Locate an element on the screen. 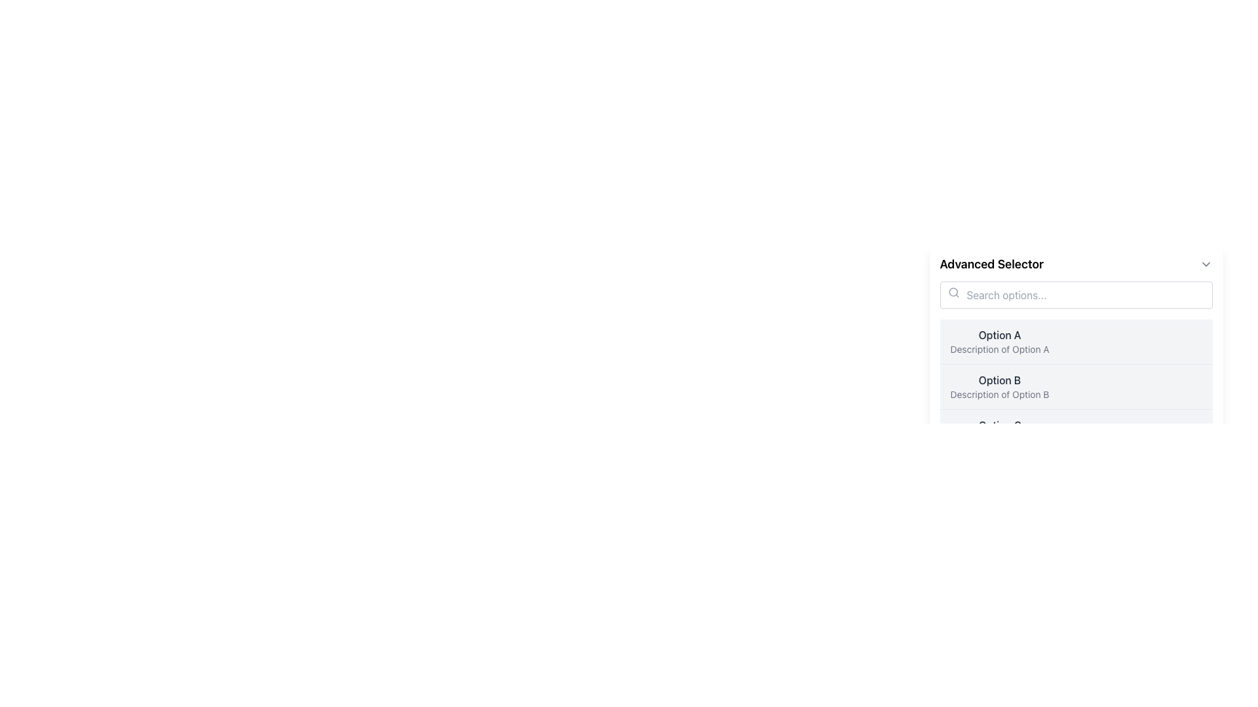  the second selectable option labeled 'Option B' in the Advanced Selector list is located at coordinates (1076, 386).